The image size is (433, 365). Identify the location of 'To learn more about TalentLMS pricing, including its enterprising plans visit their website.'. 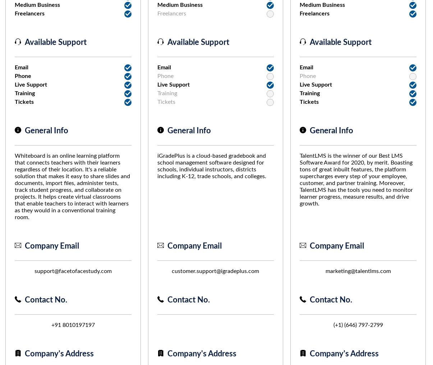
(351, 24).